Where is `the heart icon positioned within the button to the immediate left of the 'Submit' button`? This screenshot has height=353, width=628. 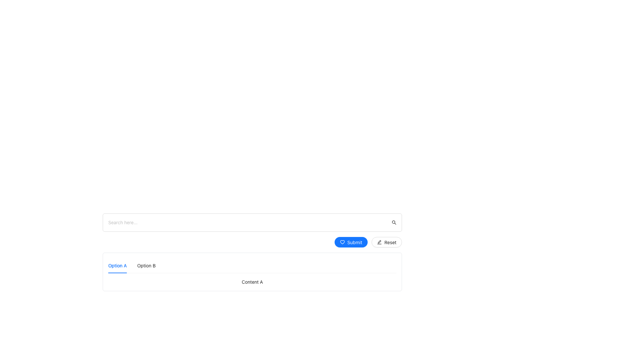
the heart icon positioned within the button to the immediate left of the 'Submit' button is located at coordinates (342, 242).